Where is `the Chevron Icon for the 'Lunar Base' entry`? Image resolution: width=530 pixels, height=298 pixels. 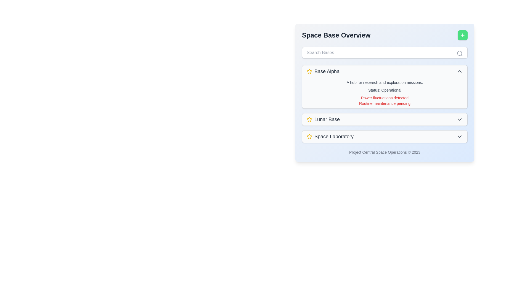 the Chevron Icon for the 'Lunar Base' entry is located at coordinates (460, 119).